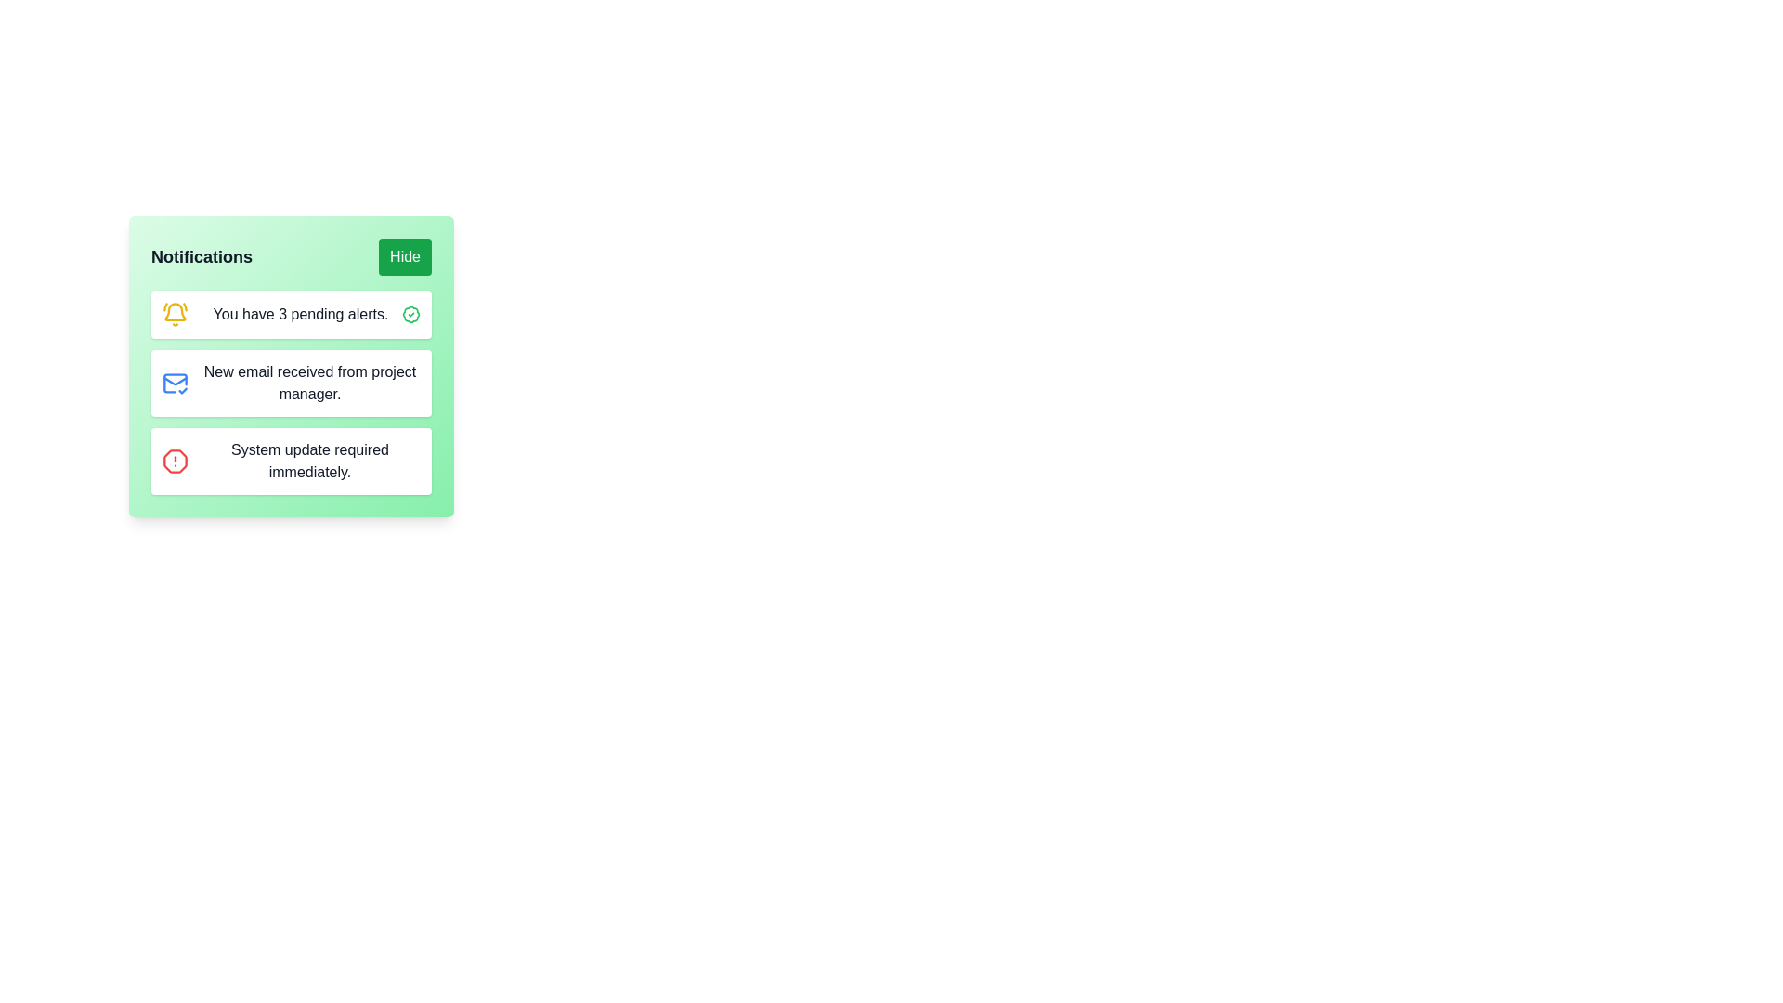  Describe the element at coordinates (290, 314) in the screenshot. I see `the Notification tile located in the notification panel, which is the topmost entry under the 'Notifications' header` at that location.